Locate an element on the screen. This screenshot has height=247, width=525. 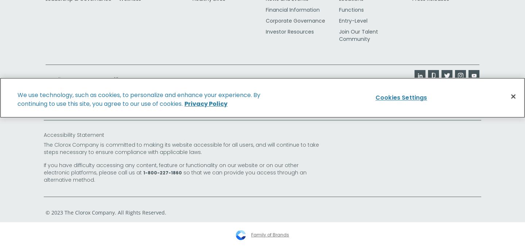
'CA Transparency in Supply Chains Act' is located at coordinates (90, 93).